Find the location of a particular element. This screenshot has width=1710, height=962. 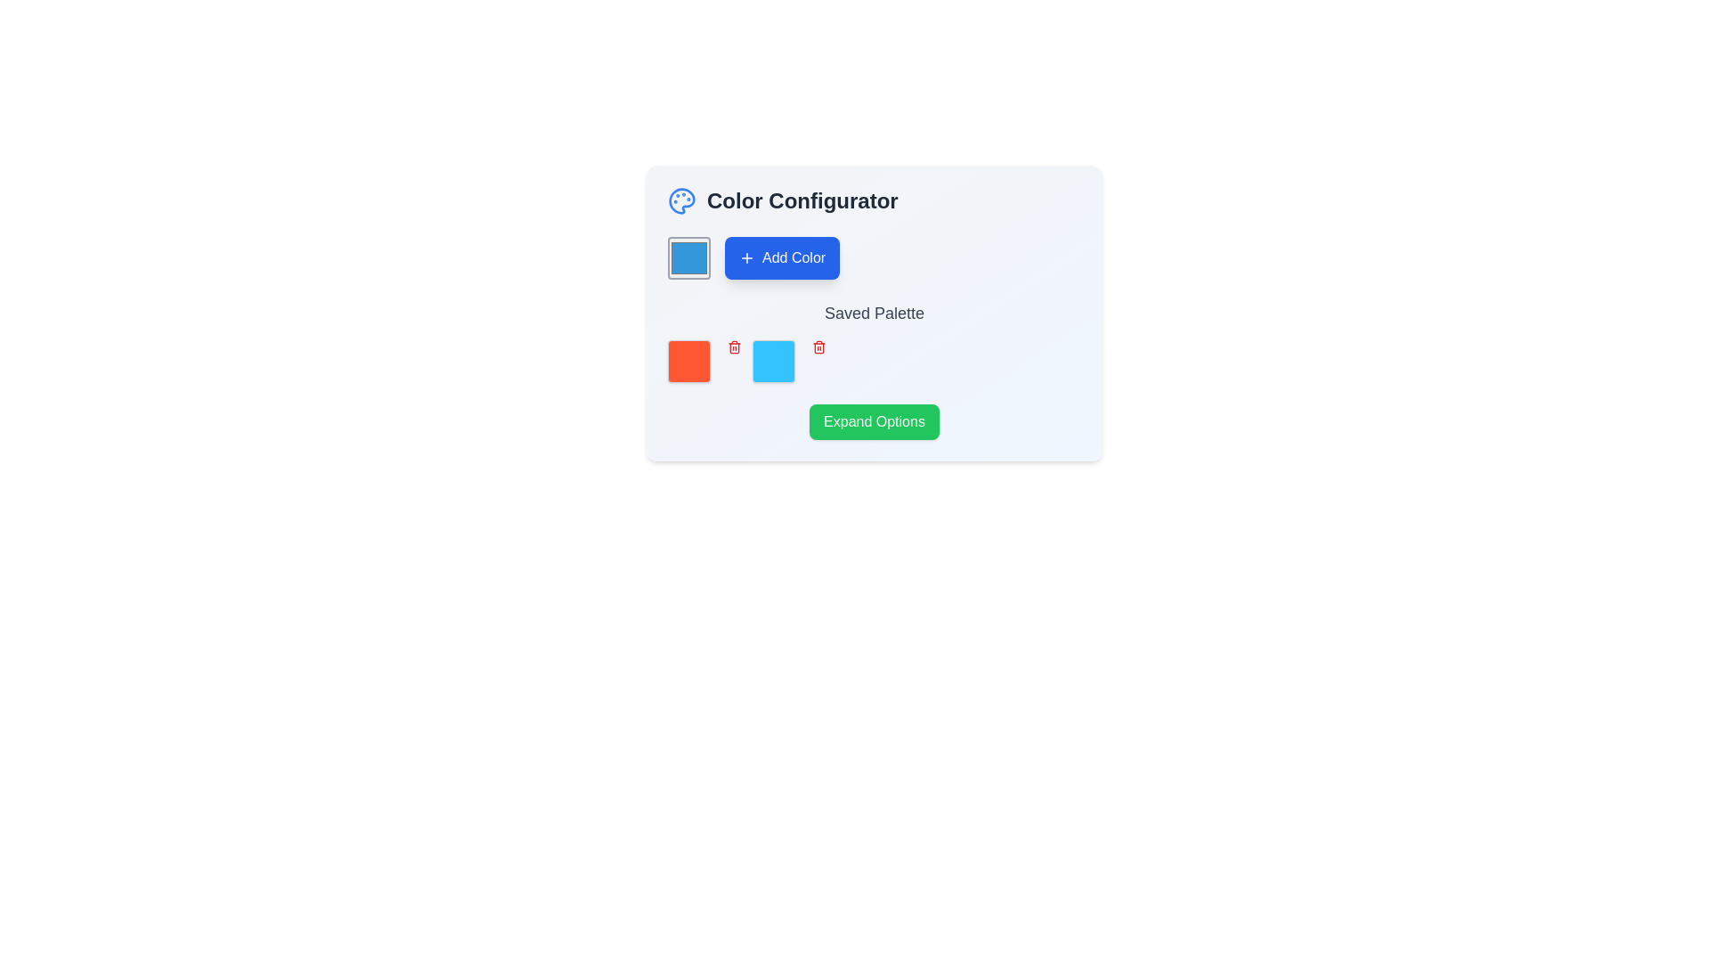

the color configuration icon located to the left of the 'Color Configurator' text is located at coordinates (681, 200).